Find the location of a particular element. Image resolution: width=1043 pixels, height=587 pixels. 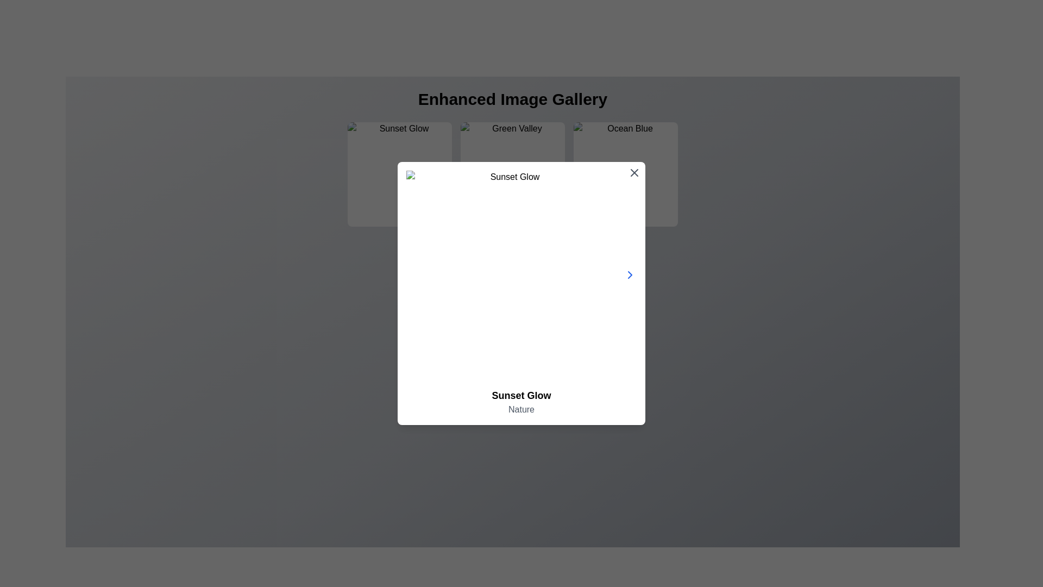

the navigation button located on the far right side of the modal is located at coordinates (630, 274).